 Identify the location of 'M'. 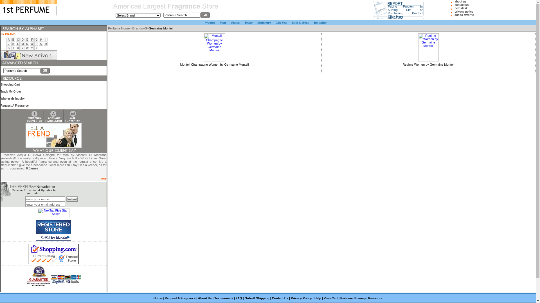
(22, 43).